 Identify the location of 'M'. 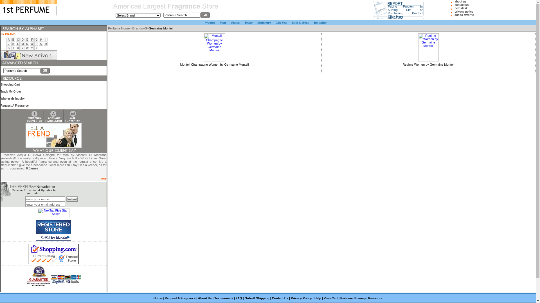
(22, 43).